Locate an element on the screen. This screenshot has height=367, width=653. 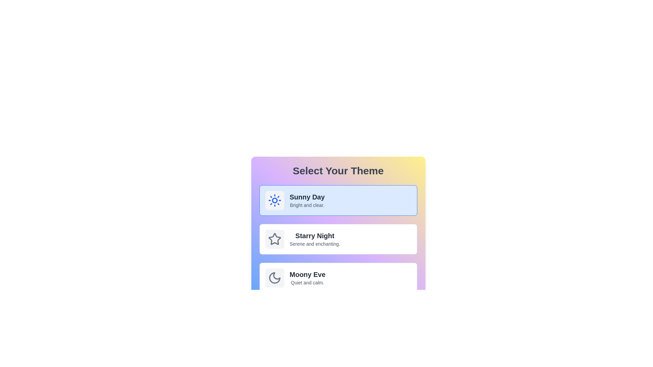
the 'Moony Eve' label, which is styled in bold dark gray font and is located in the lower section of the theme selection interface, to the right of the crescent moon icon is located at coordinates (307, 274).